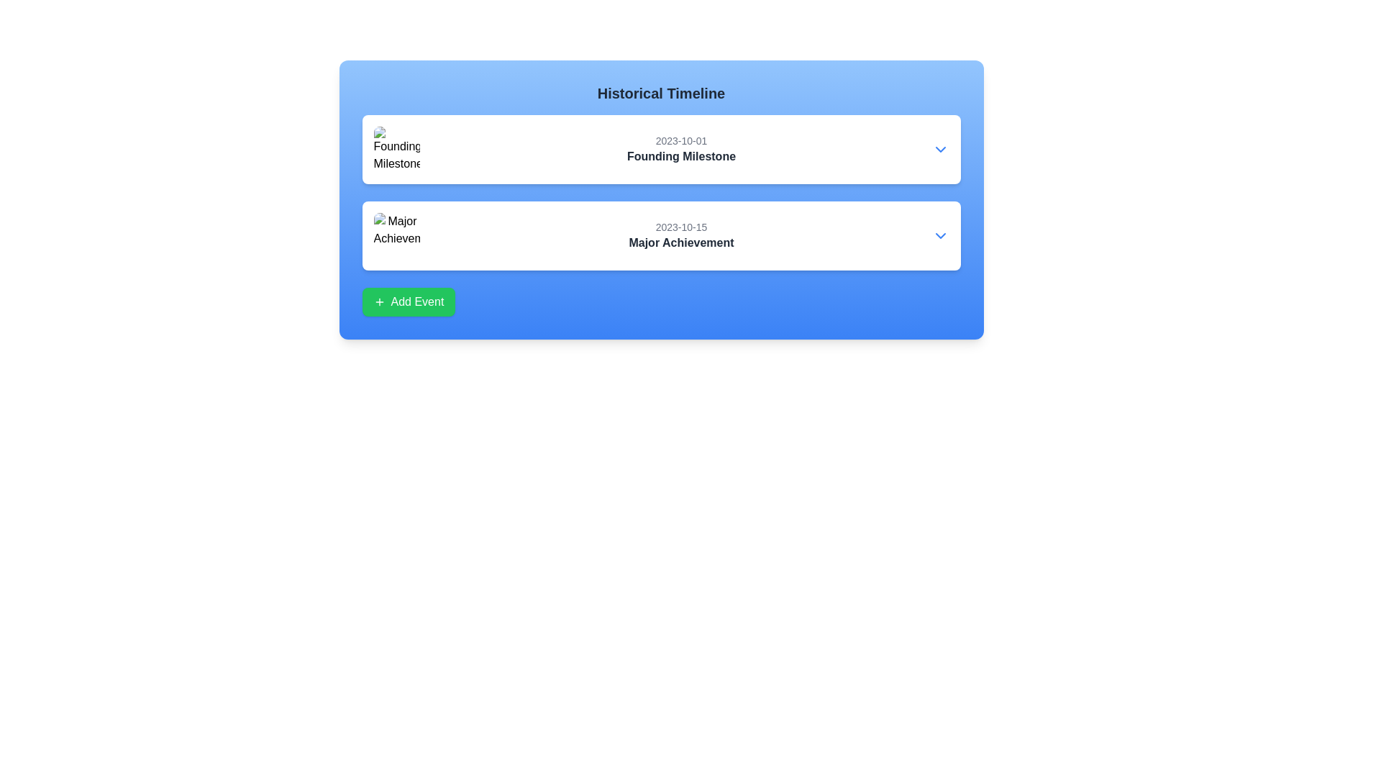 This screenshot has height=777, width=1381. Describe the element at coordinates (680, 242) in the screenshot. I see `the text label representing a milestone or event title in the timeline interface, located below the date '2023-10-15'` at that location.